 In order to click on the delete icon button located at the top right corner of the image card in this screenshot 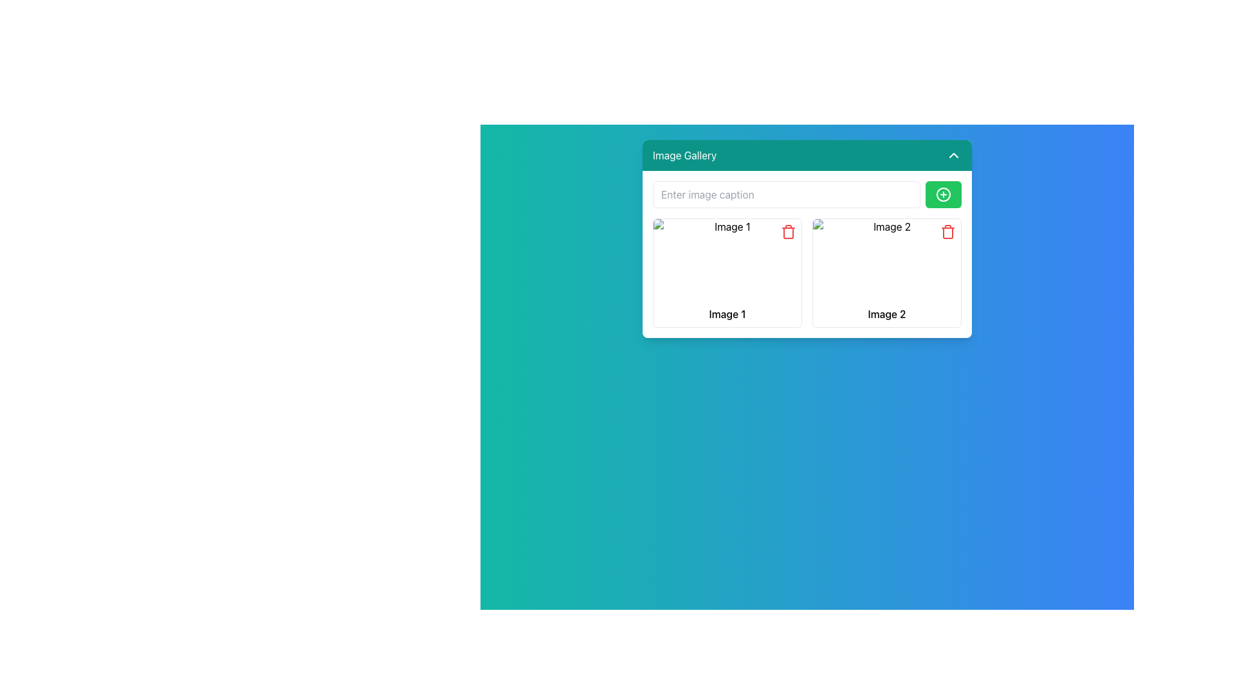, I will do `click(947, 232)`.